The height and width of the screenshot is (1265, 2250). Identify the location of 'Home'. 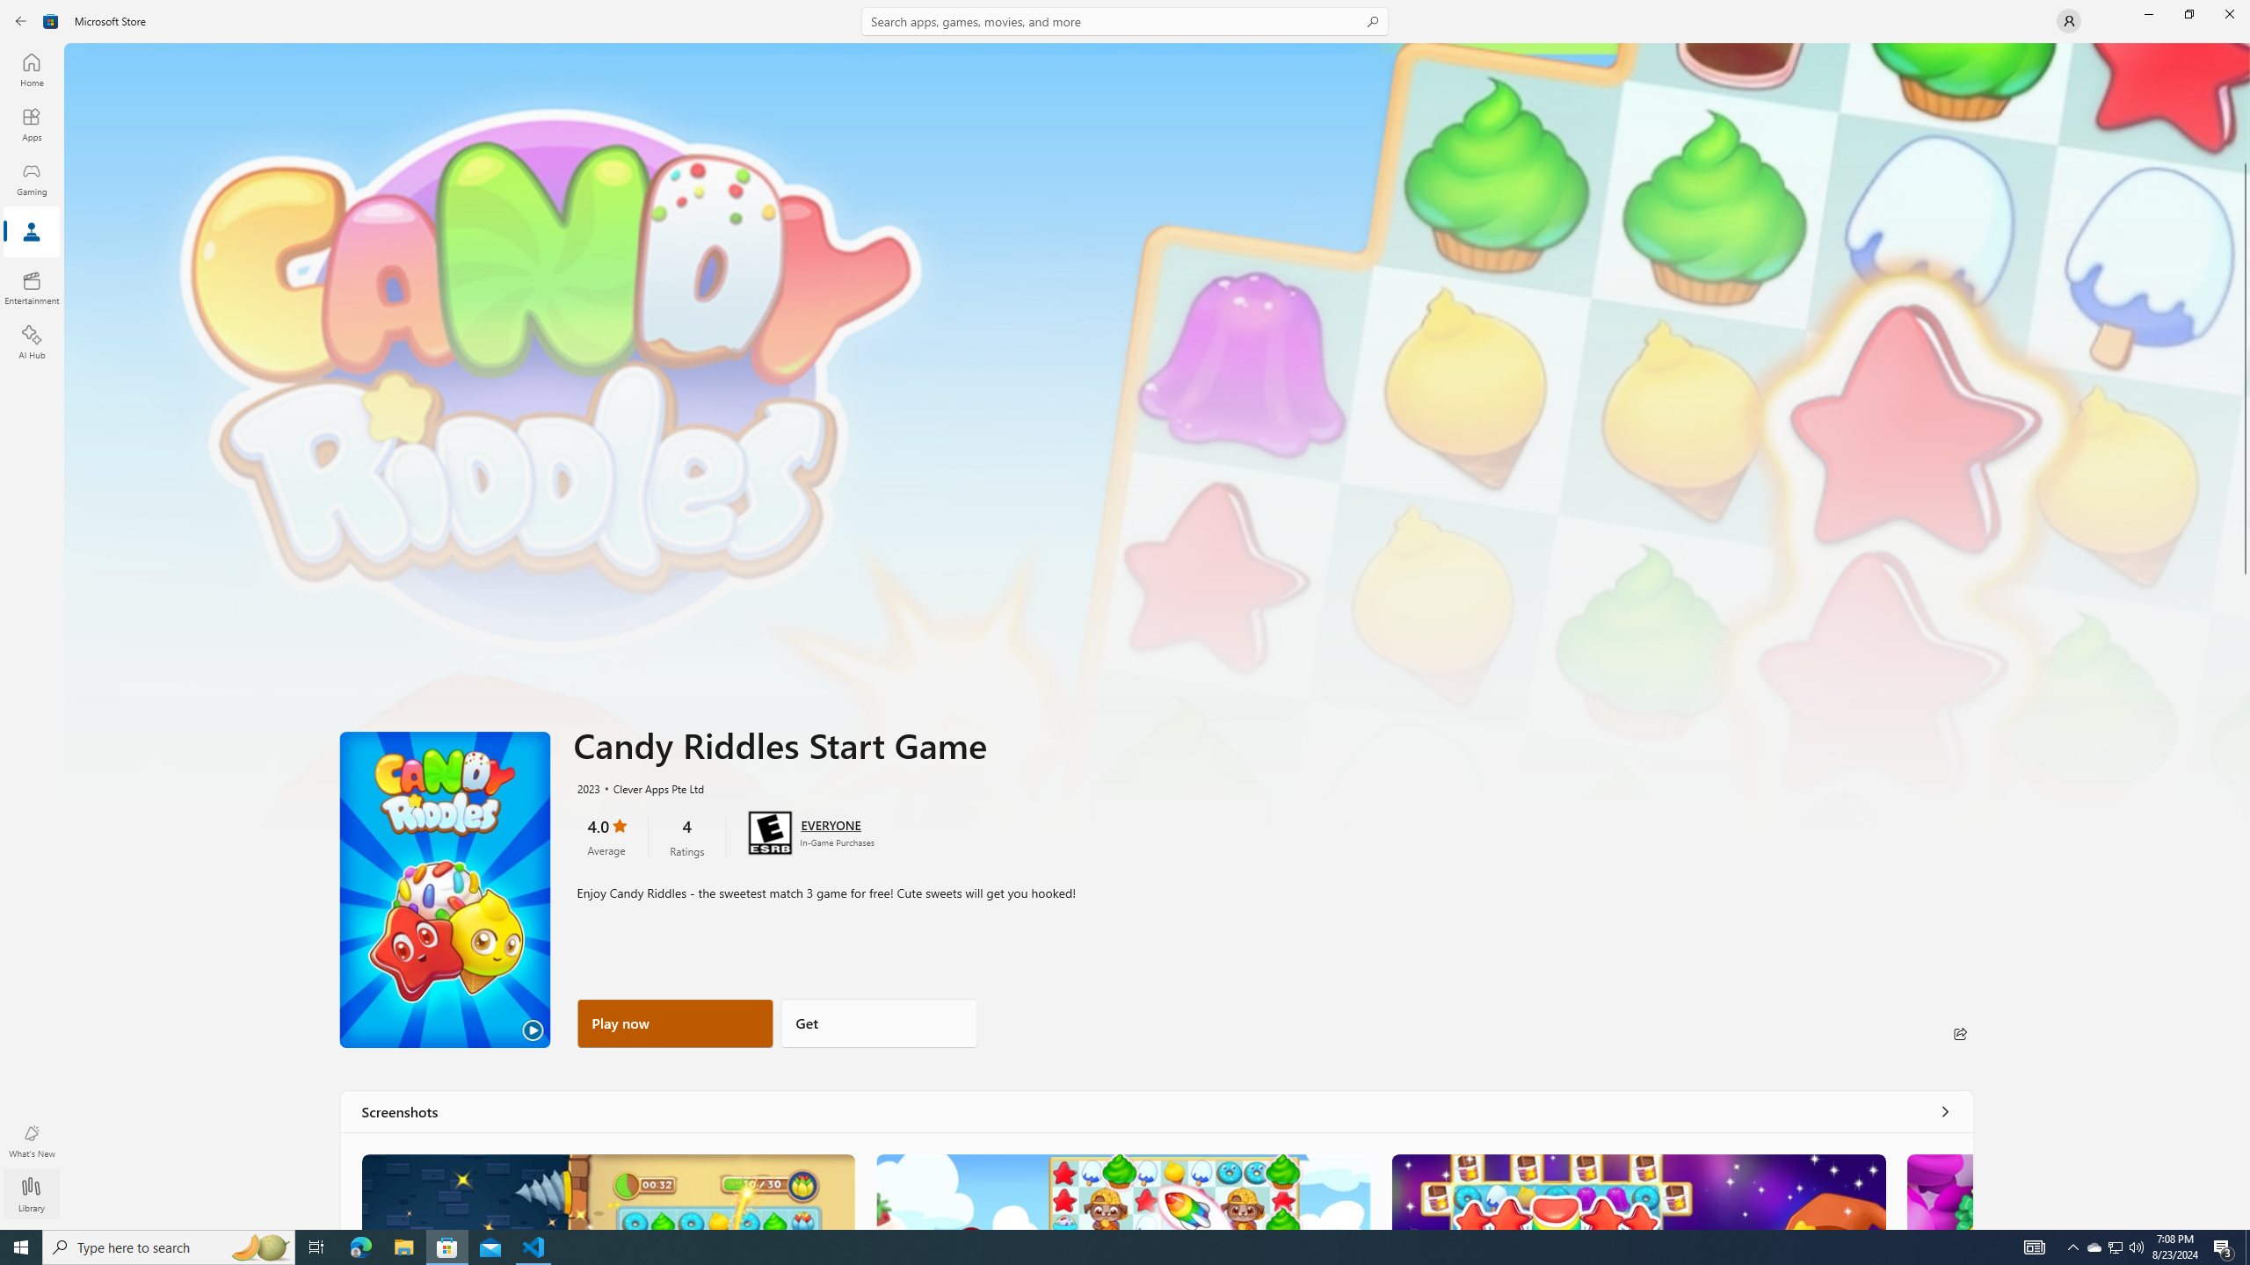
(30, 69).